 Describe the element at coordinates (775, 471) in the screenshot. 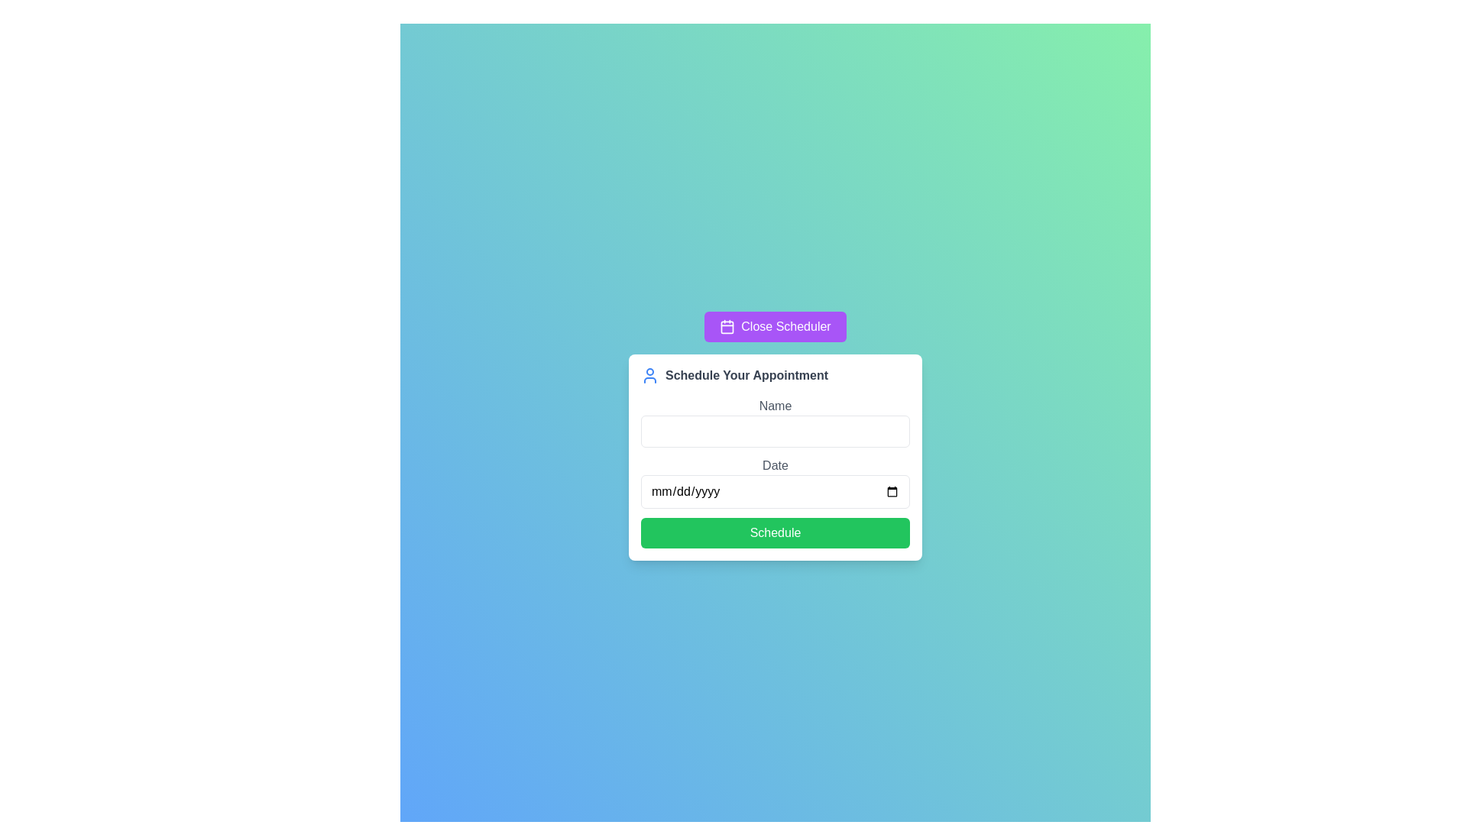

I see `or click on the 'Date' input field in the appointment scheduling form to select a date` at that location.